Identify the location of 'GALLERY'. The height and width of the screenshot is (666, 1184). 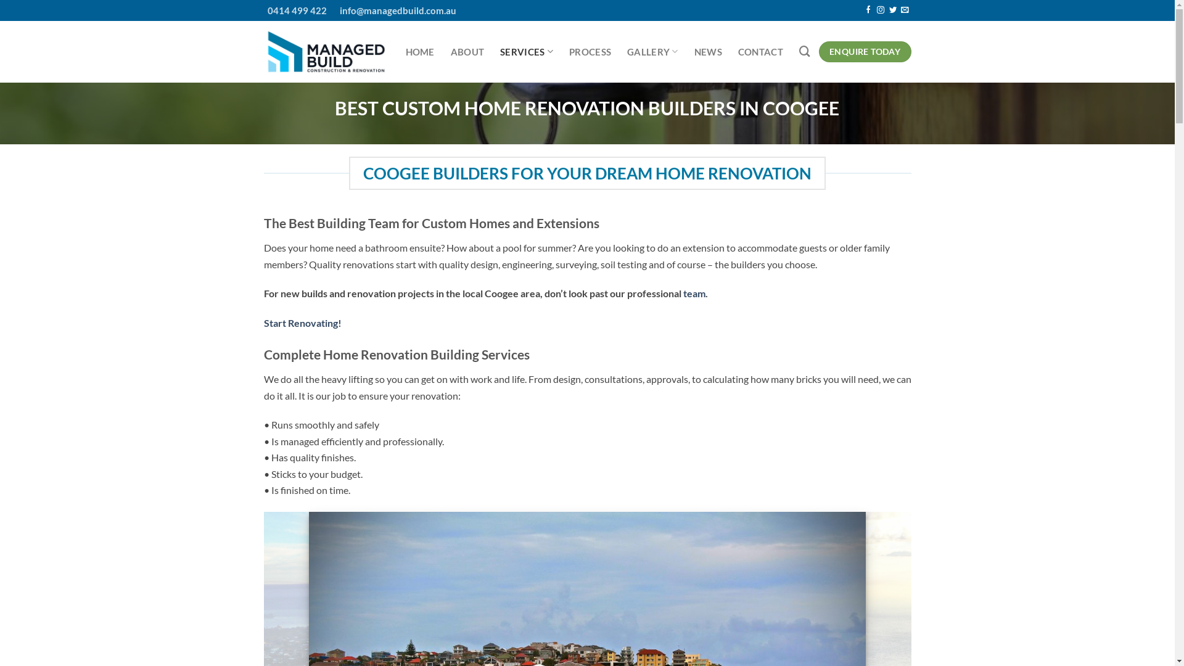
(652, 51).